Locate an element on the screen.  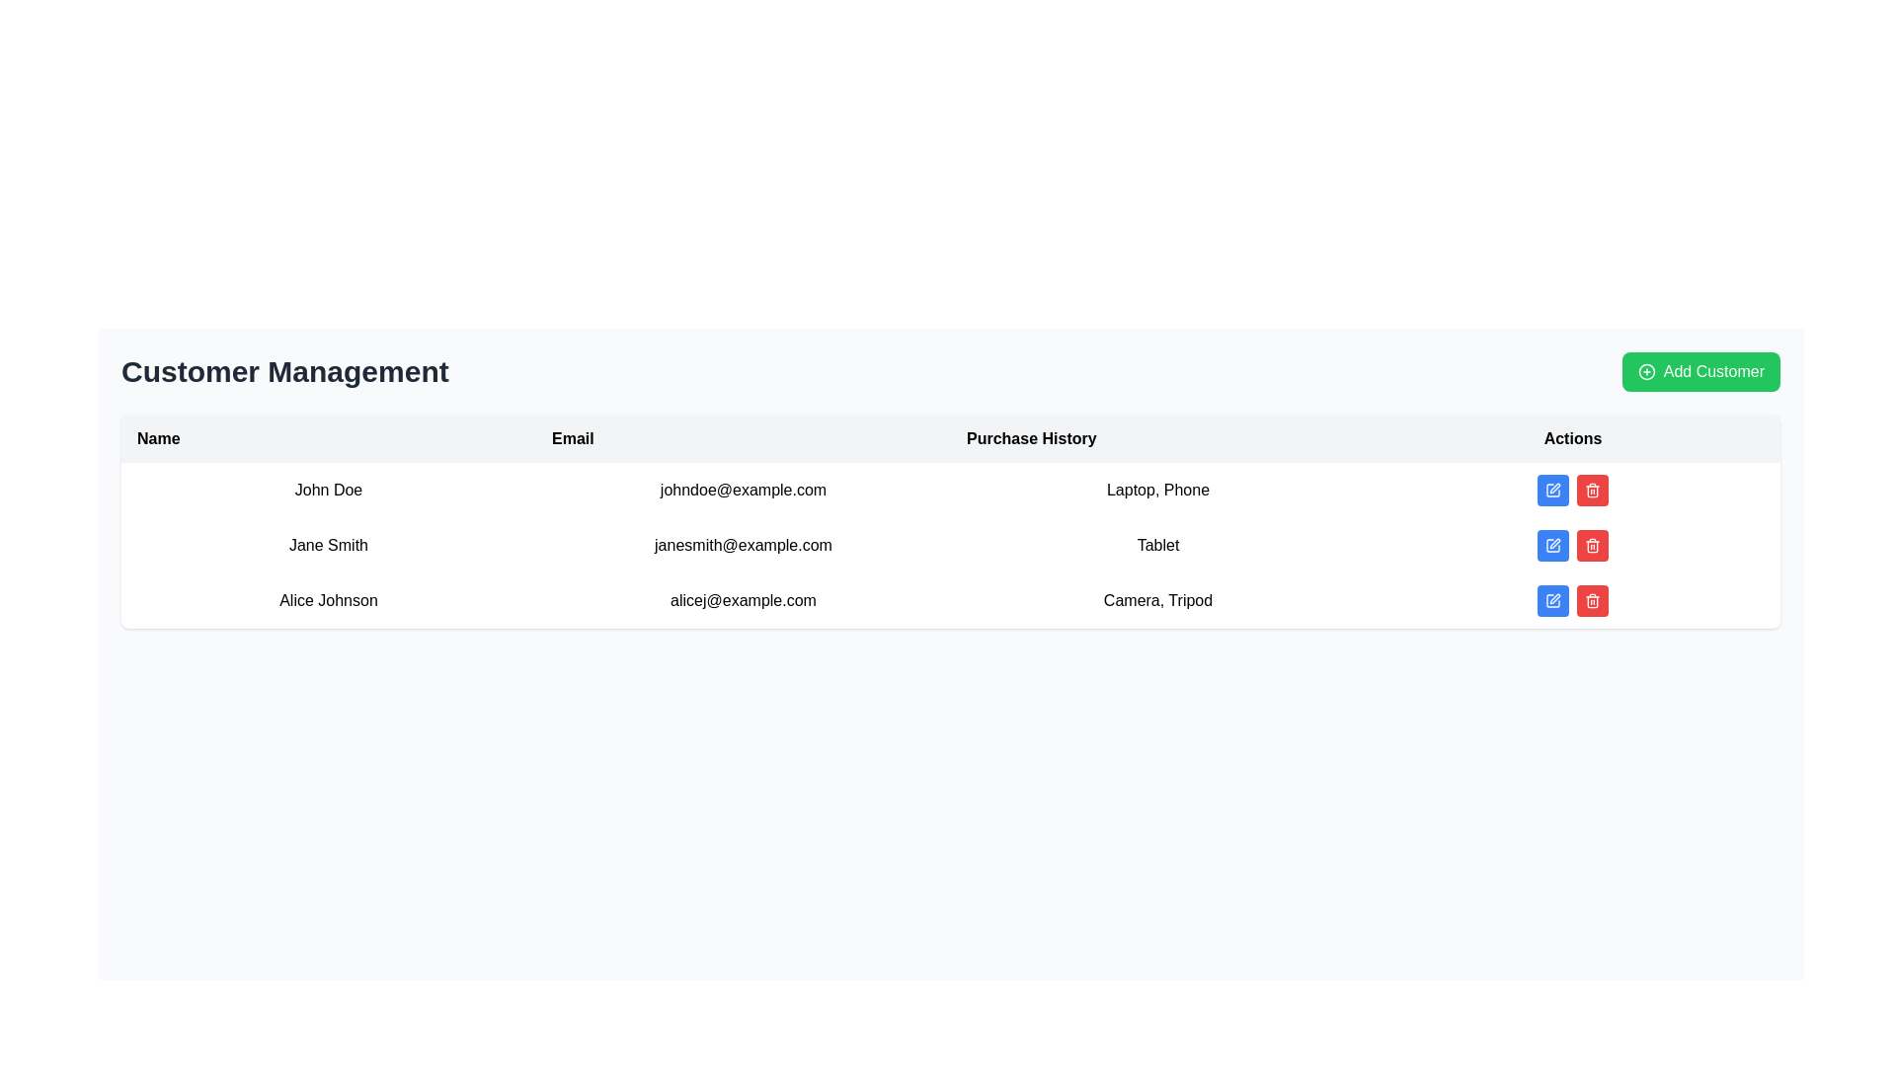
the icon button located on the far-right side of the row for 'Jane Smith' under the 'Actions' column is located at coordinates (1552, 545).